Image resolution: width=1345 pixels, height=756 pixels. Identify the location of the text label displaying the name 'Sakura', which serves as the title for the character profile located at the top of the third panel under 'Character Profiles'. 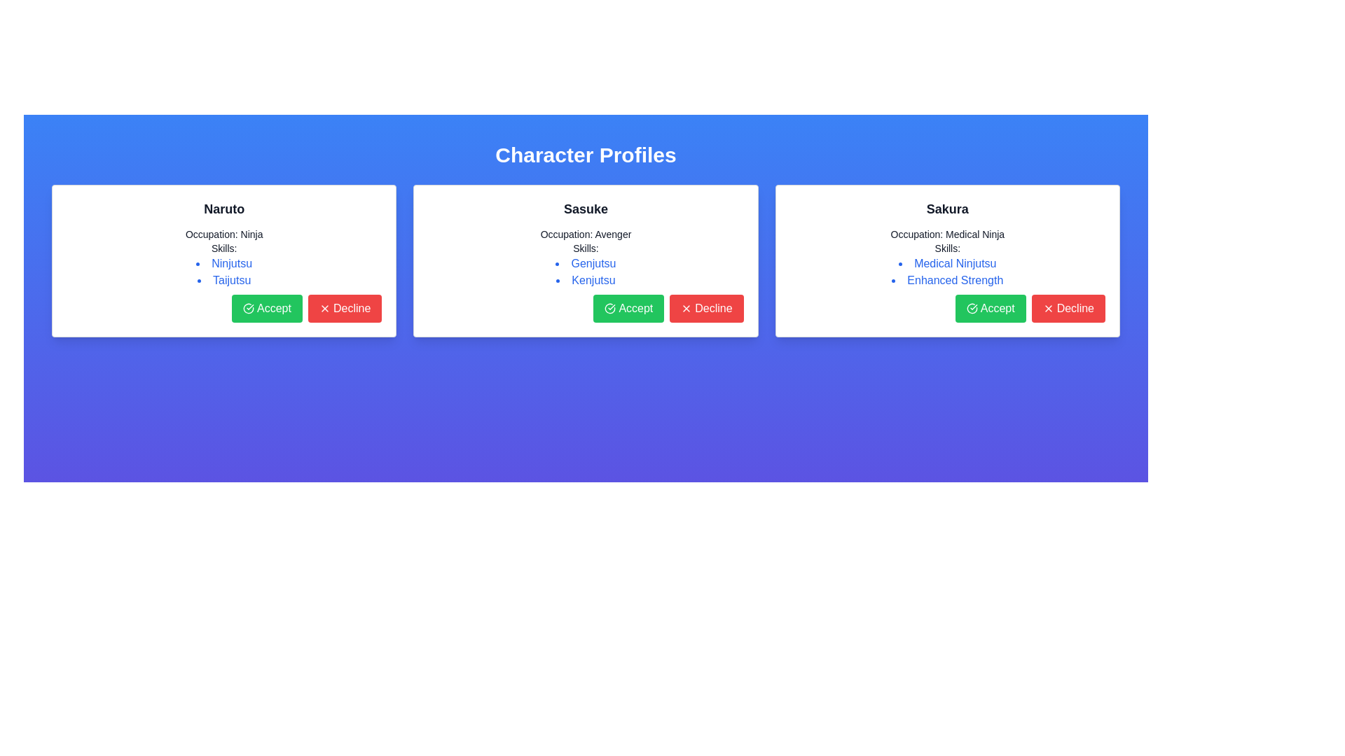
(947, 209).